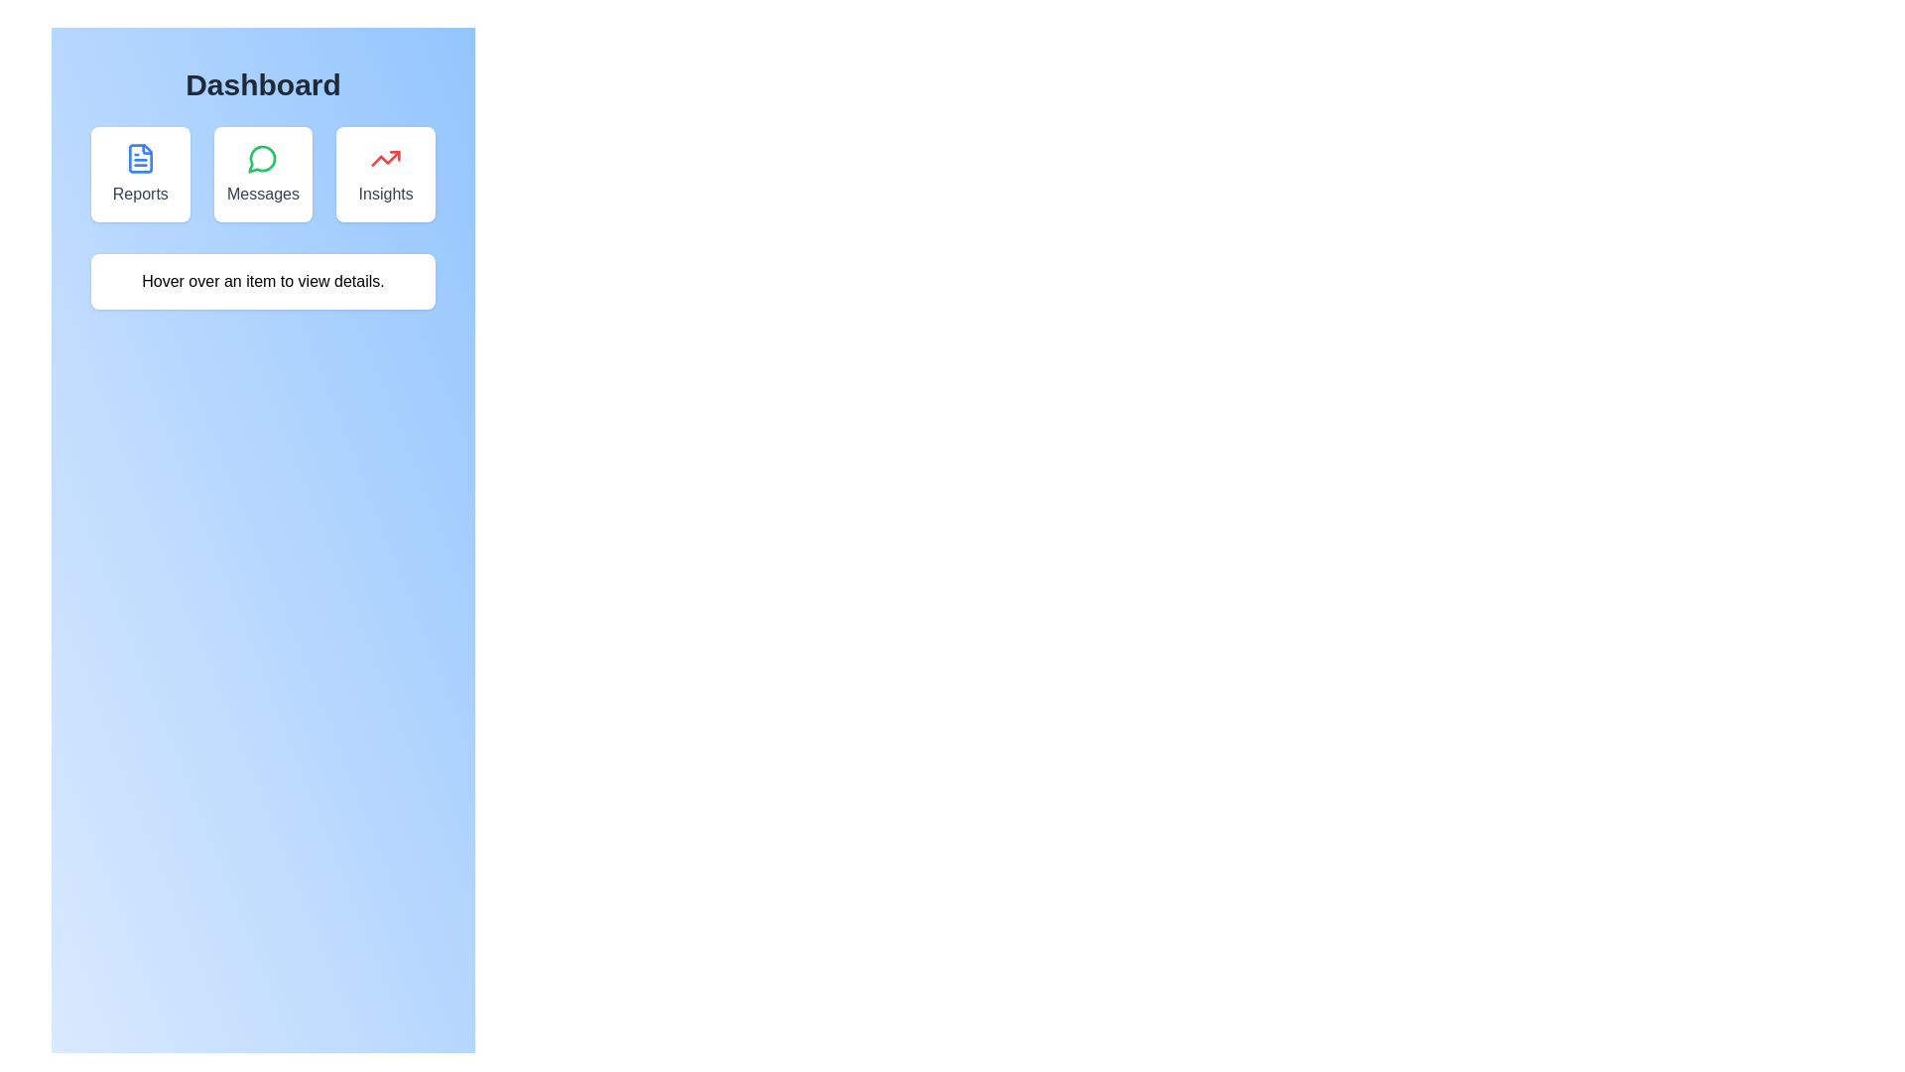 This screenshot has width=1905, height=1072. What do you see at coordinates (139, 157) in the screenshot?
I see `the 'Reports' icon located at the top left of the dashboard layout, indicating access to the reports feature` at bounding box center [139, 157].